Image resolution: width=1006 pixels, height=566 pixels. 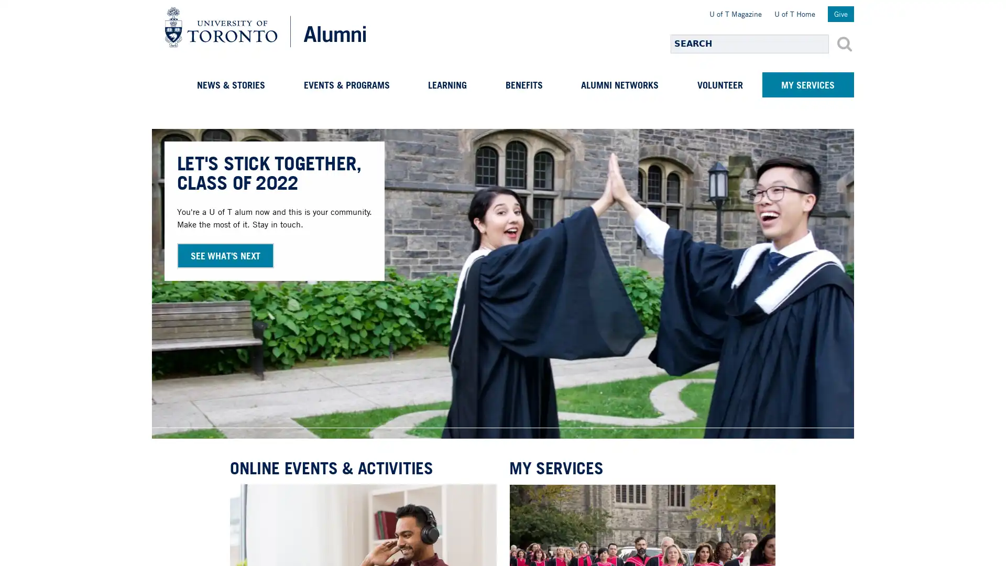 What do you see at coordinates (845, 43) in the screenshot?
I see `Search` at bounding box center [845, 43].